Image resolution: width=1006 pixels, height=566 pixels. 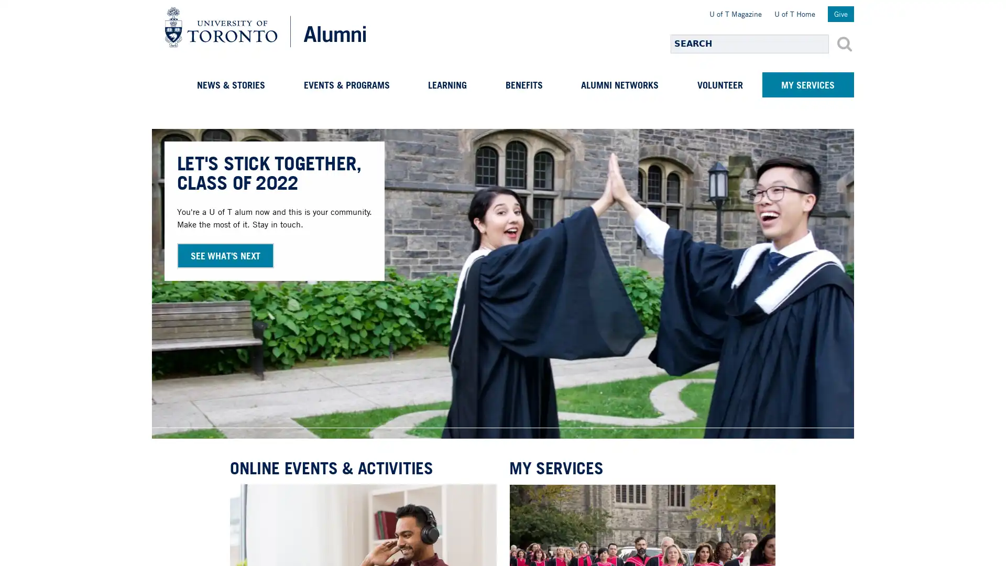 What do you see at coordinates (845, 43) in the screenshot?
I see `Search` at bounding box center [845, 43].